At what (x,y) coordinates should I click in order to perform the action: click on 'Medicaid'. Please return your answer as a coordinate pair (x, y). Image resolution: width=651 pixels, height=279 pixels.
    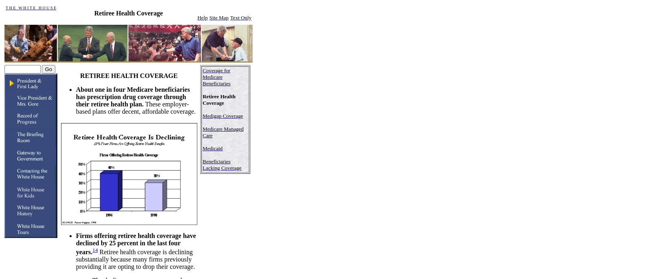
    Looking at the image, I should click on (212, 148).